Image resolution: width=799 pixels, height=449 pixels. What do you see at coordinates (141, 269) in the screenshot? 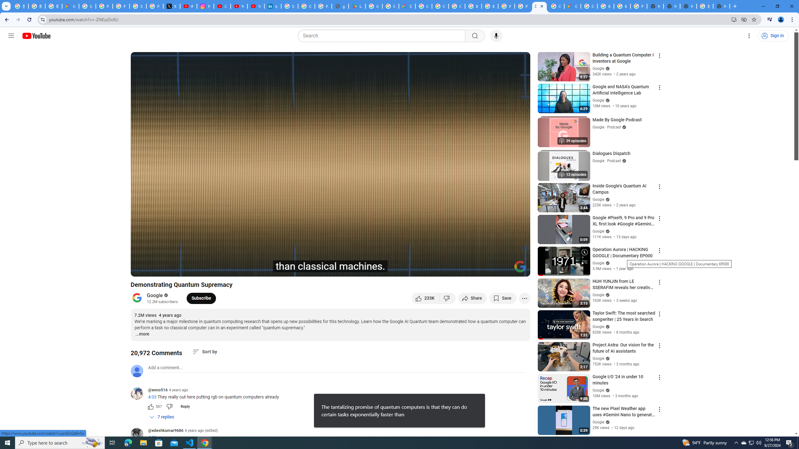
I see `'Pause (k)'` at bounding box center [141, 269].